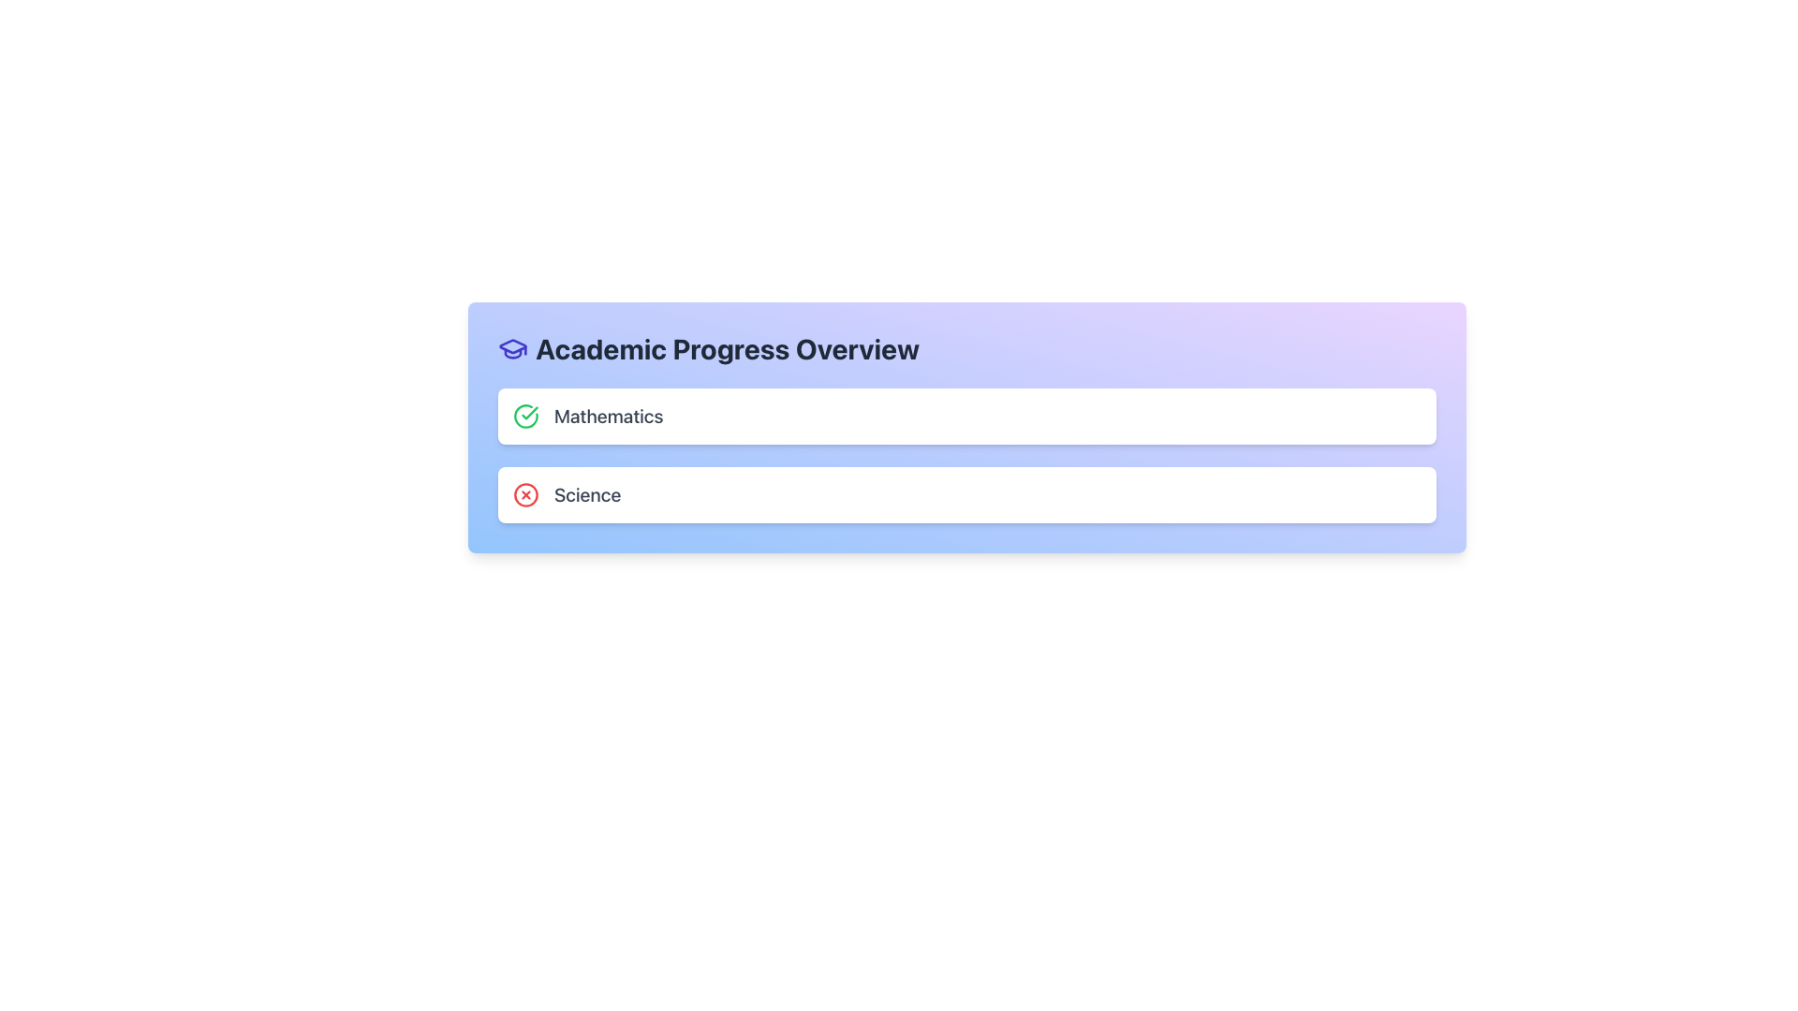 This screenshot has height=1011, width=1798. What do you see at coordinates (524, 415) in the screenshot?
I see `the green circular icon with a checkmark inside, located to the left of the 'Mathematics' text in the 'Academic Progress Overview' section` at bounding box center [524, 415].